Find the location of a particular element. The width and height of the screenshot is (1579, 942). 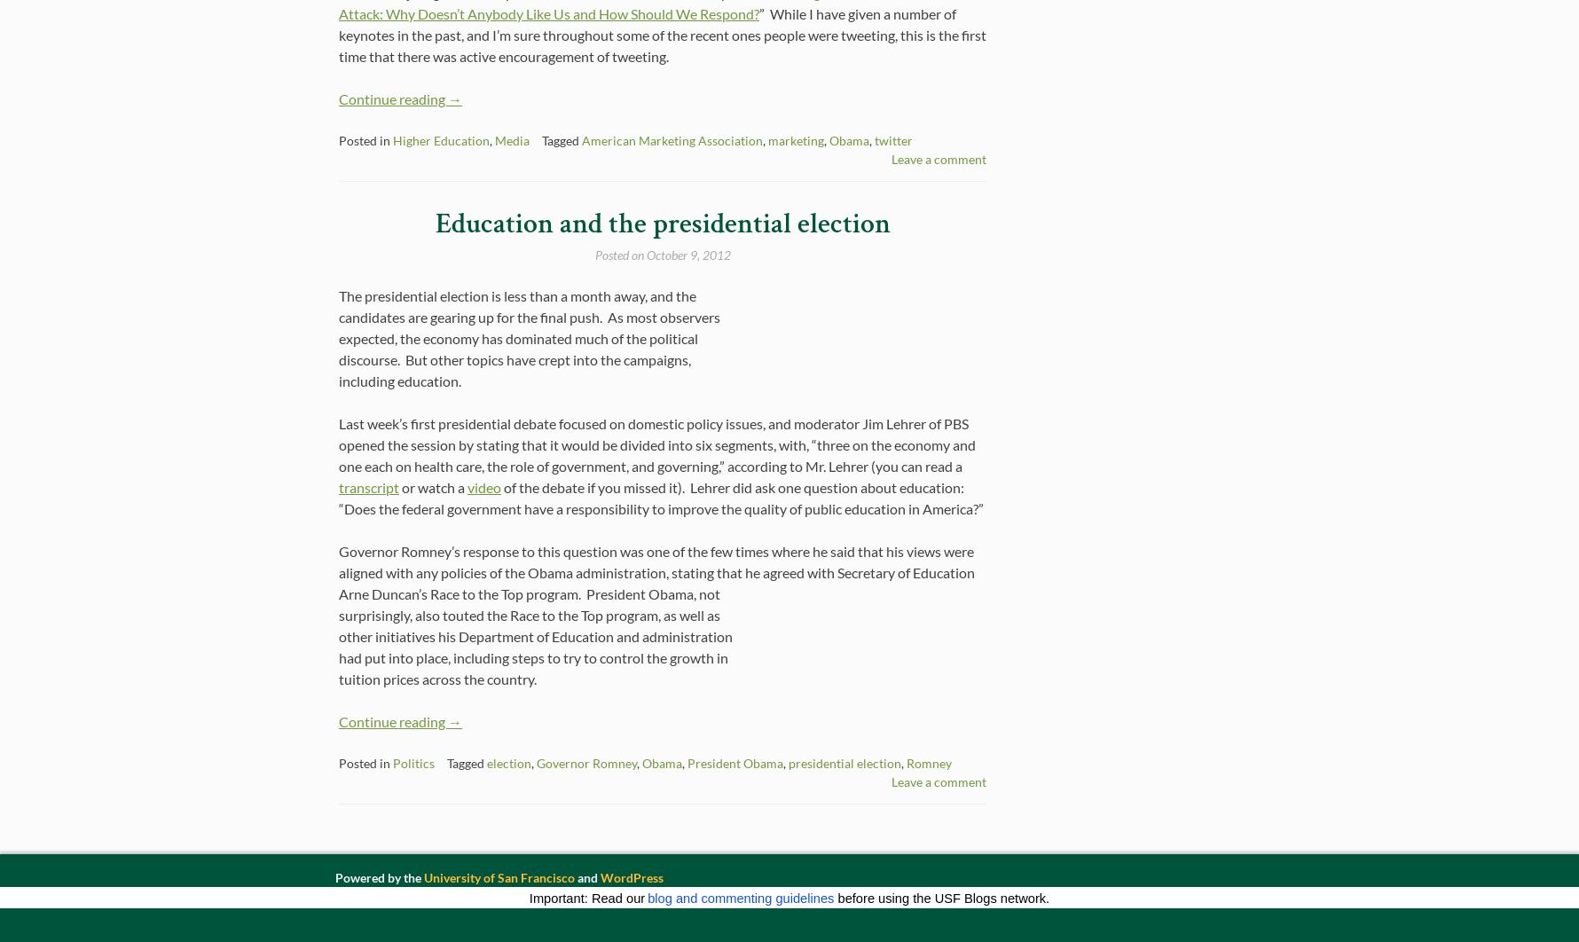

'and' is located at coordinates (587, 876).